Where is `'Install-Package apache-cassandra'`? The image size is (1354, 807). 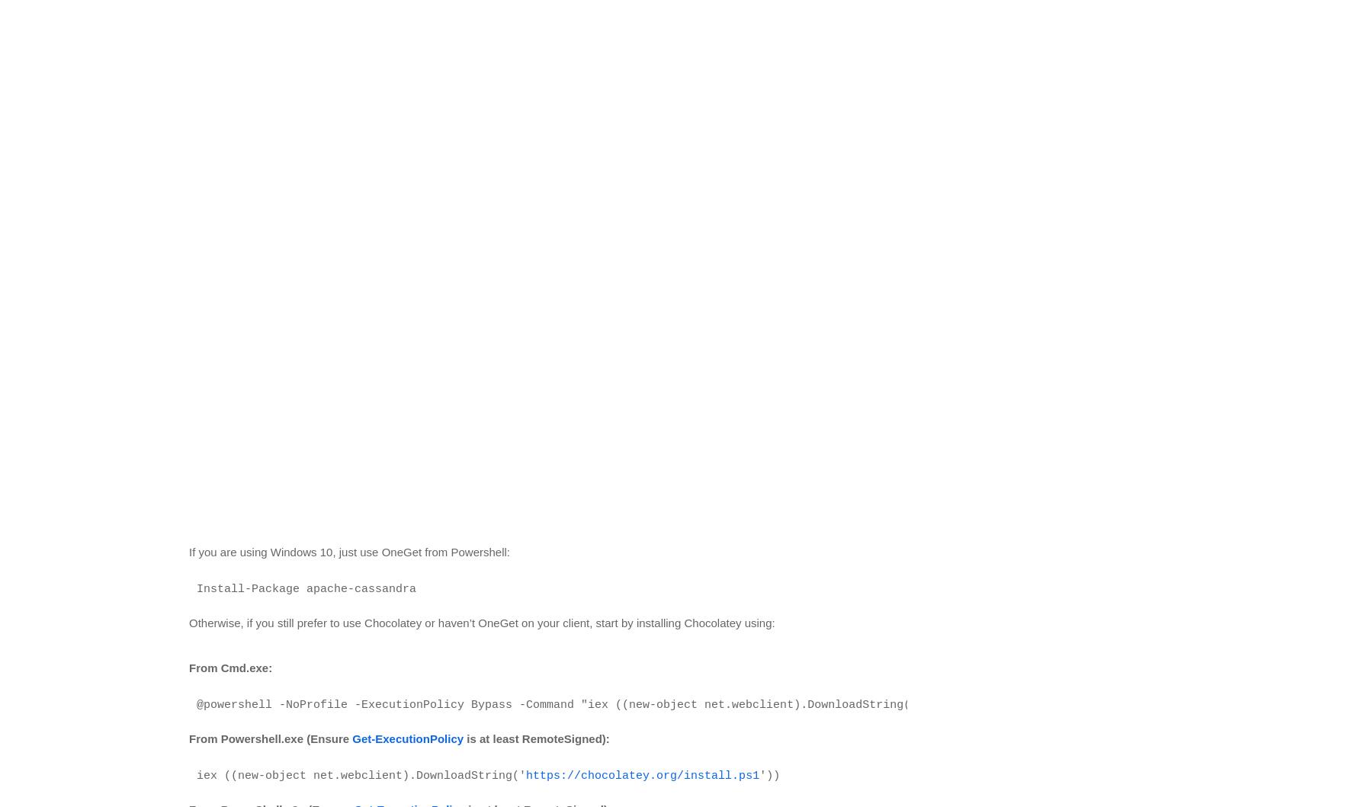
'Install-Package apache-cassandra' is located at coordinates (306, 588).